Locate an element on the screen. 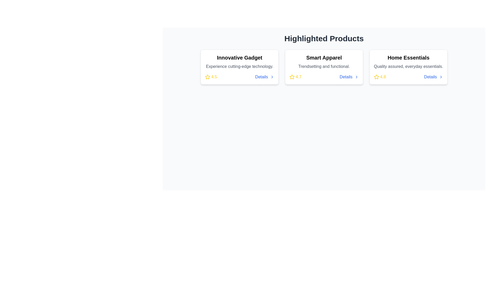 This screenshot has height=282, width=502. the 'Details' link styled in blue with a right-pointing chevron icon located at the bottom-right part of the 'Innovative Gadget' product card is located at coordinates (265, 77).